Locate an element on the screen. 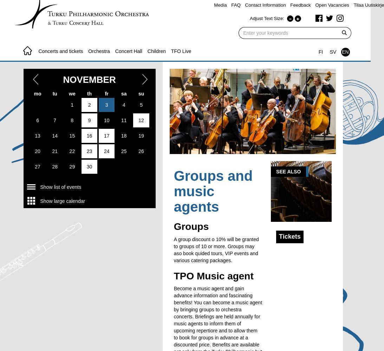  '26' is located at coordinates (141, 151).